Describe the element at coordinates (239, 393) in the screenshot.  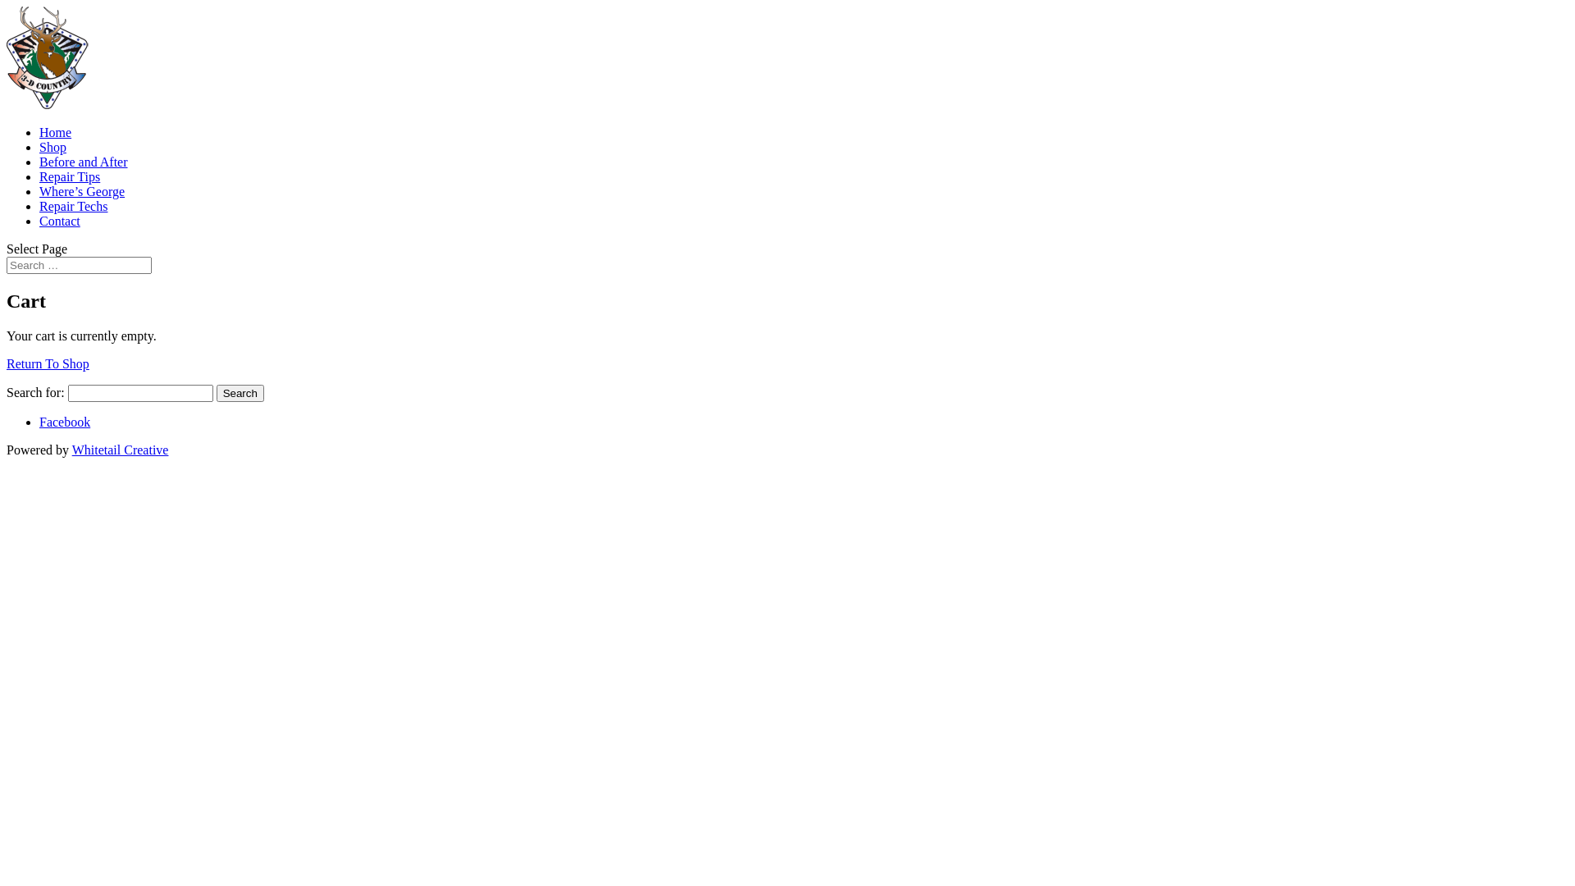
I see `'Search'` at that location.